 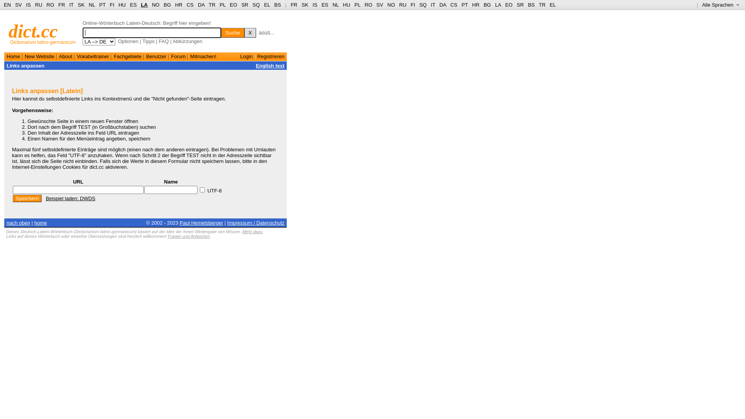 What do you see at coordinates (113, 56) in the screenshot?
I see `'Fachgebiete'` at bounding box center [113, 56].